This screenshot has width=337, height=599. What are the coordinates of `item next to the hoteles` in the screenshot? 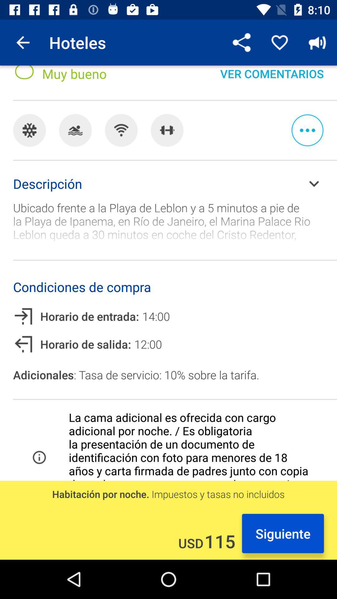 It's located at (22, 42).